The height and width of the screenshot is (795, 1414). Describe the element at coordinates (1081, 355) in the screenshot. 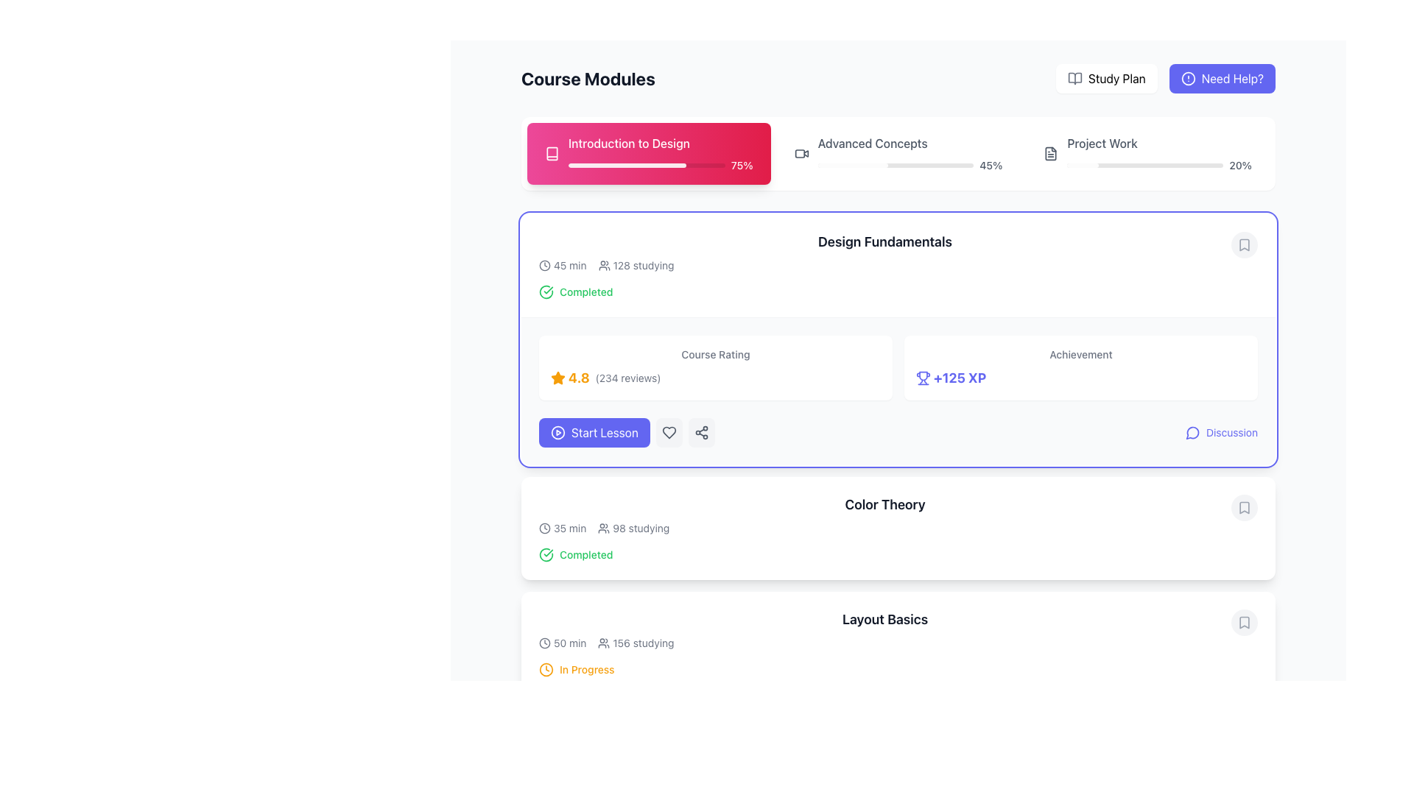

I see `the 'Achievement' label text element which is styled in gray and positioned within the 'Design Fundamentals' card layout, above the '+125 XP' blue text` at that location.